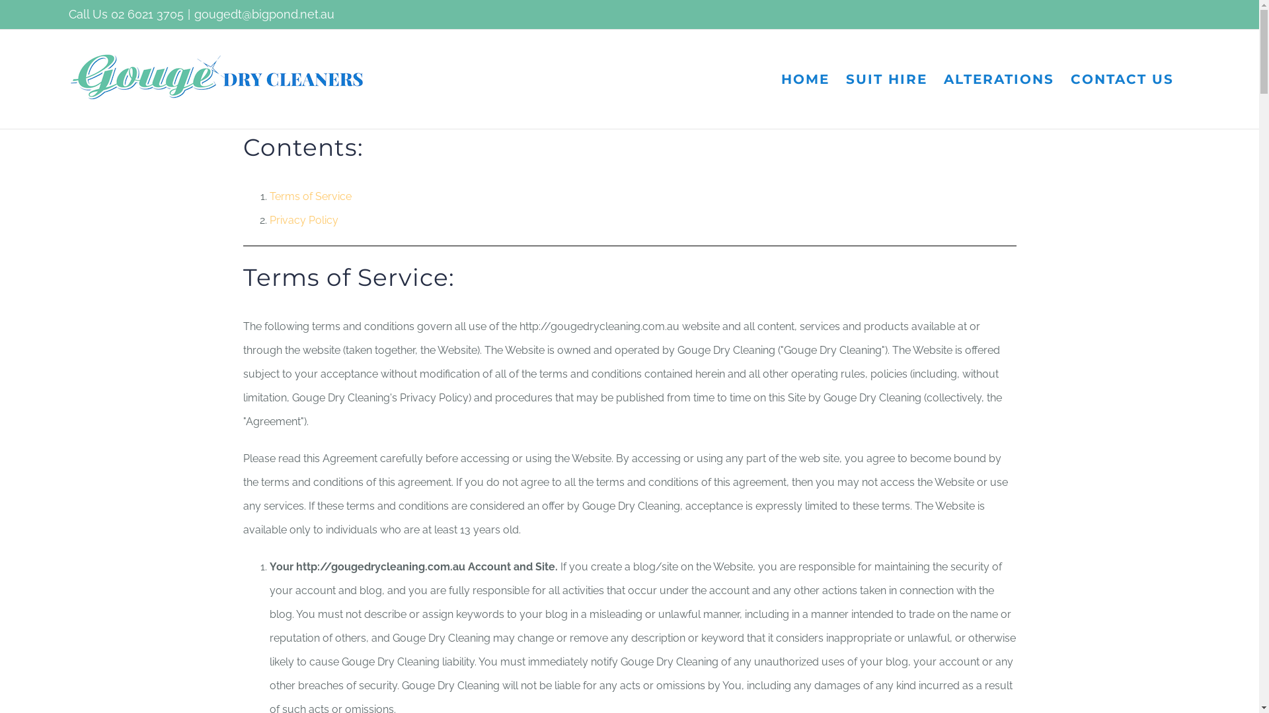 The height and width of the screenshot is (713, 1269). I want to click on 'HOME', so click(781, 79).